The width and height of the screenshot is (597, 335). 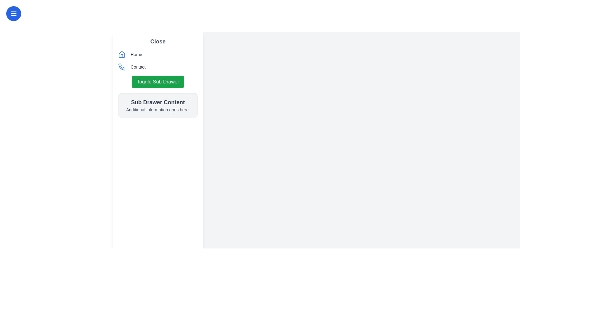 What do you see at coordinates (158, 81) in the screenshot?
I see `the 'Toggle Sub Drawer' button located in the left sidebar, which has a green background and white text` at bounding box center [158, 81].